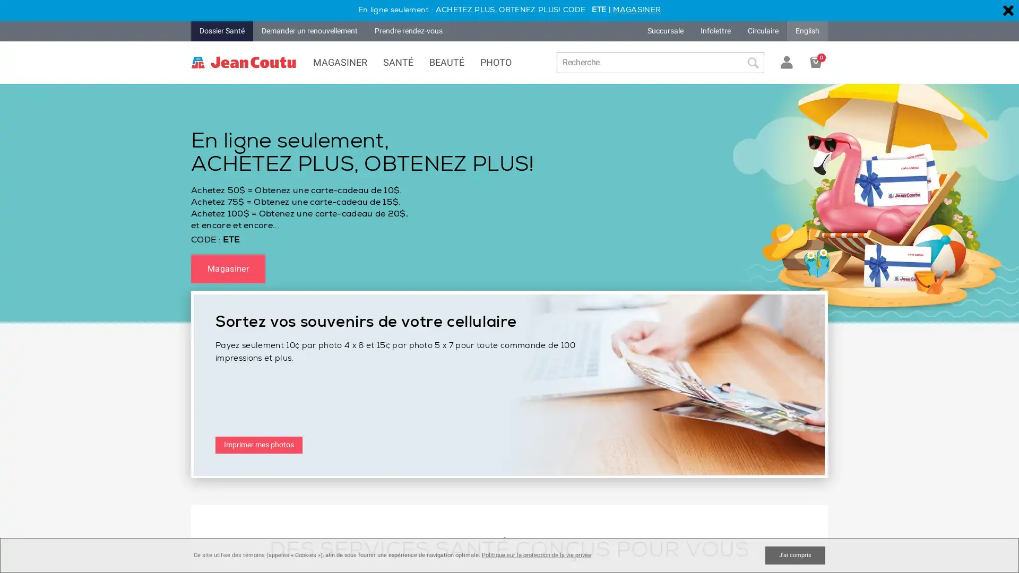 This screenshot has width=1019, height=573. Describe the element at coordinates (227, 268) in the screenshot. I see `Magasiner` at that location.